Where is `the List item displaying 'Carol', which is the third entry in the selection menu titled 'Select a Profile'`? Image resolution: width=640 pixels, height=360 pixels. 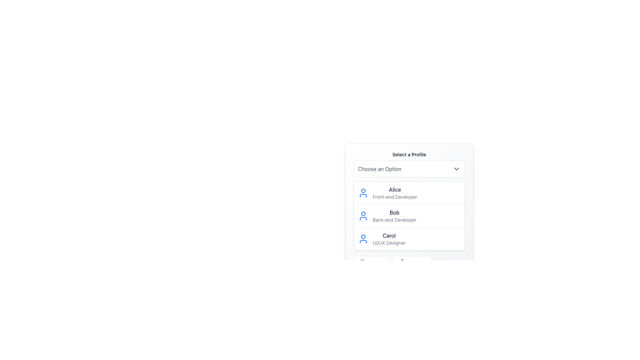
the List item displaying 'Carol', which is the third entry in the selection menu titled 'Select a Profile' is located at coordinates (409, 238).